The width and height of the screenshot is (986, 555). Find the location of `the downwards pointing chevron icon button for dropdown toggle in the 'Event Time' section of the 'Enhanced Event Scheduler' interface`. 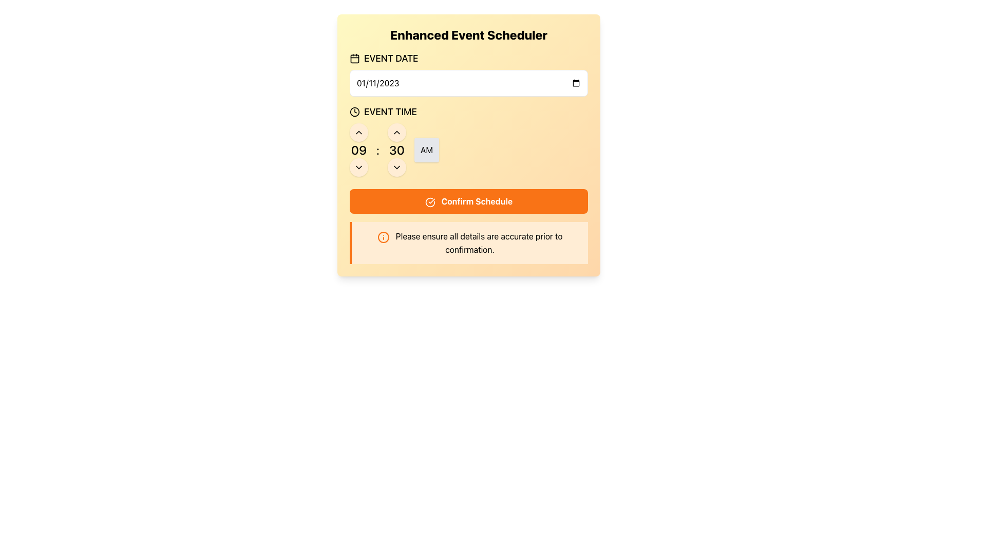

the downwards pointing chevron icon button for dropdown toggle in the 'Event Time' section of the 'Enhanced Event Scheduler' interface is located at coordinates (396, 167).